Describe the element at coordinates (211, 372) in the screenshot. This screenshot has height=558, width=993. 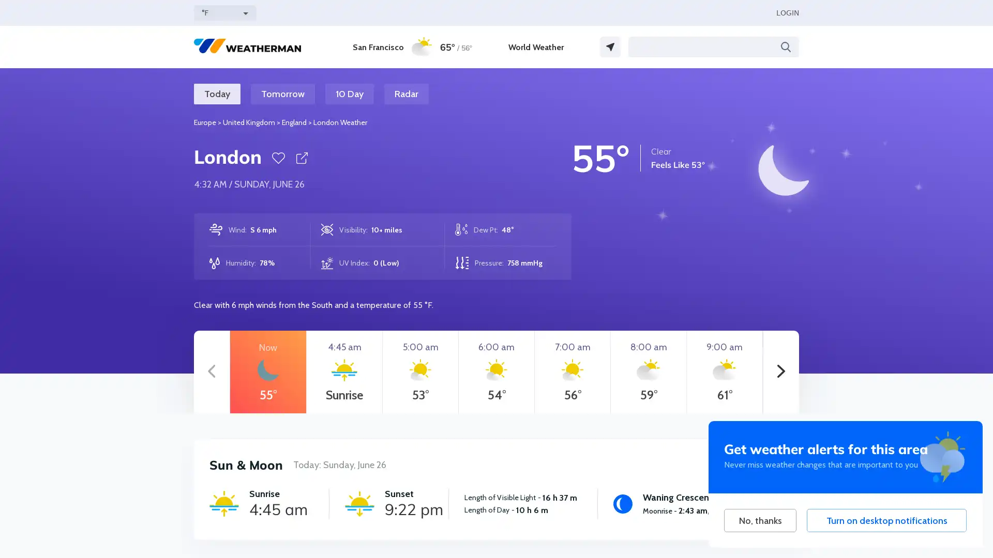
I see `Previous hours` at that location.